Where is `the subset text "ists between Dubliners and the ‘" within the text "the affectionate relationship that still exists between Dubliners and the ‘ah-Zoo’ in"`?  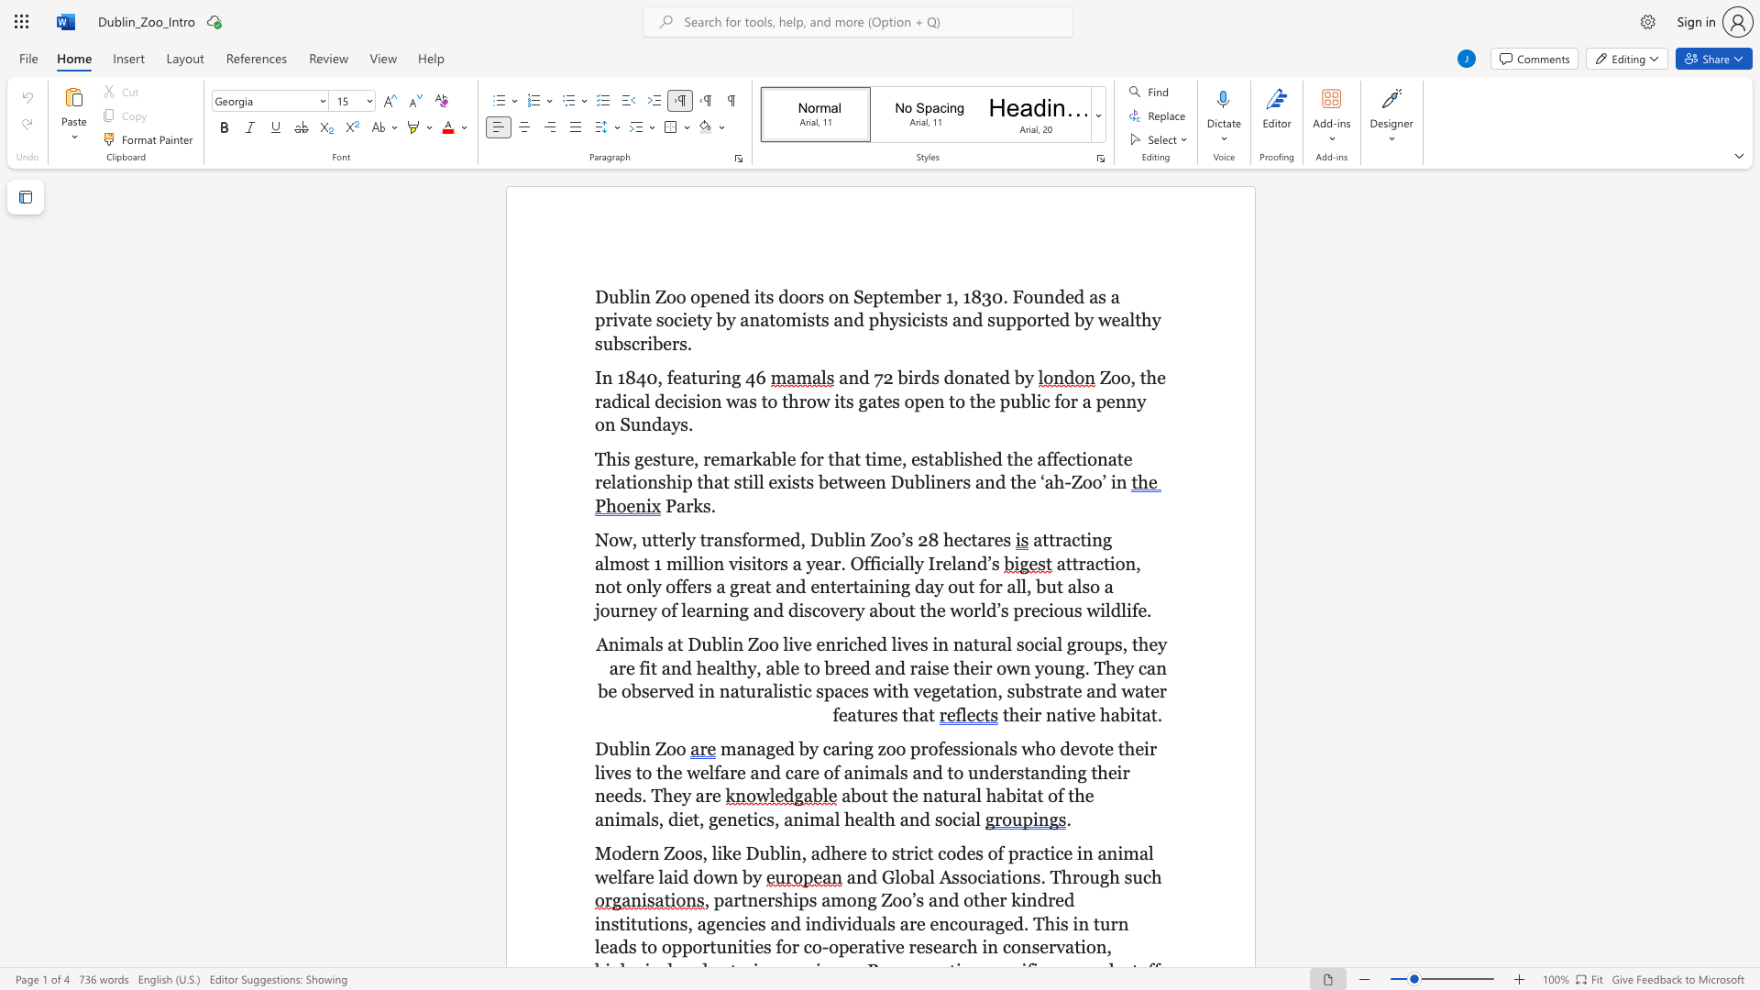 the subset text "ists between Dubliners and the ‘" within the text "the affectionate relationship that still exists between Dubliners and the ‘ah-Zoo’ in" is located at coordinates (786, 481).